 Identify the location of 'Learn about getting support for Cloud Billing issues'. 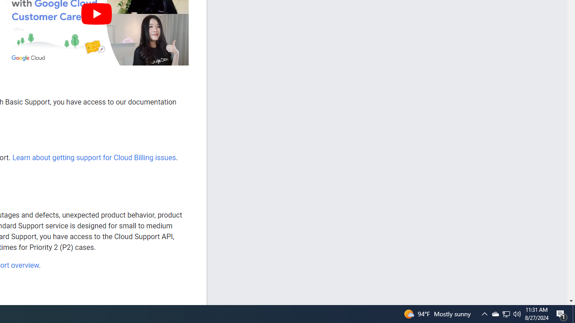
(94, 157).